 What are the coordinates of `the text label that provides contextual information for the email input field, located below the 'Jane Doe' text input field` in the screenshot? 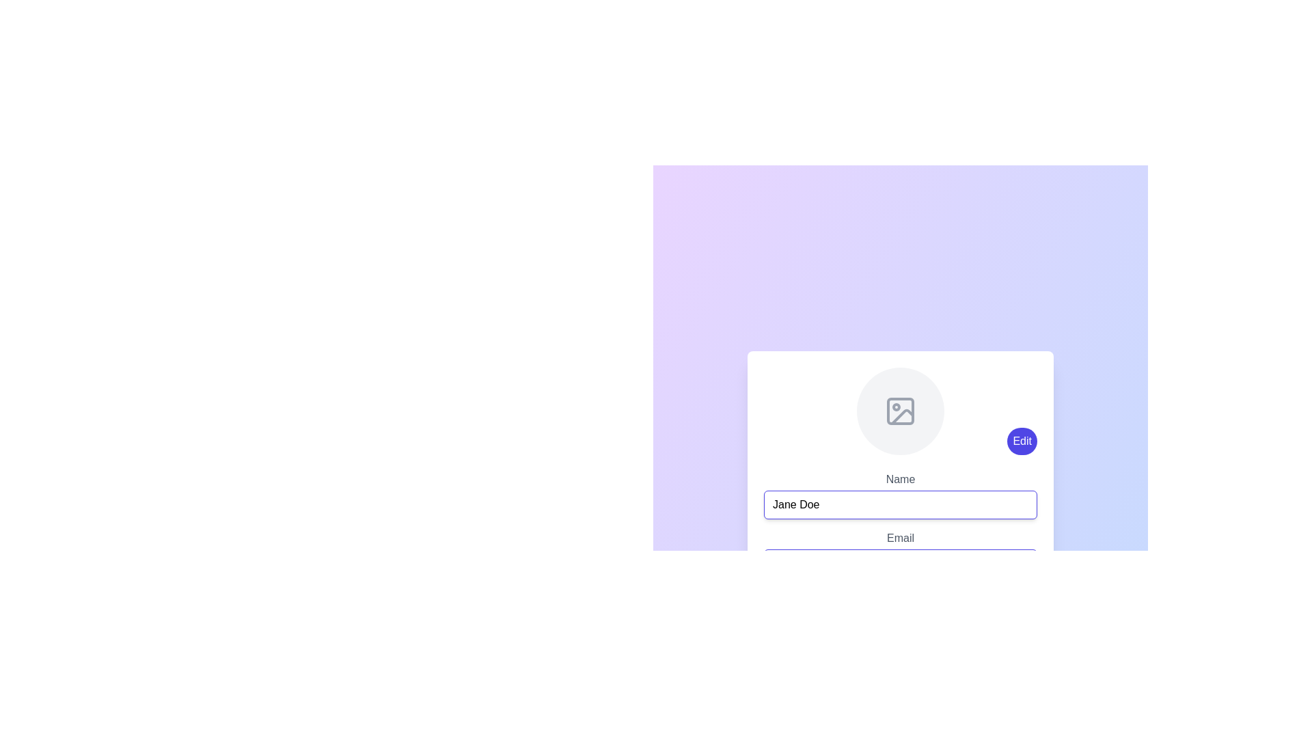 It's located at (901, 536).